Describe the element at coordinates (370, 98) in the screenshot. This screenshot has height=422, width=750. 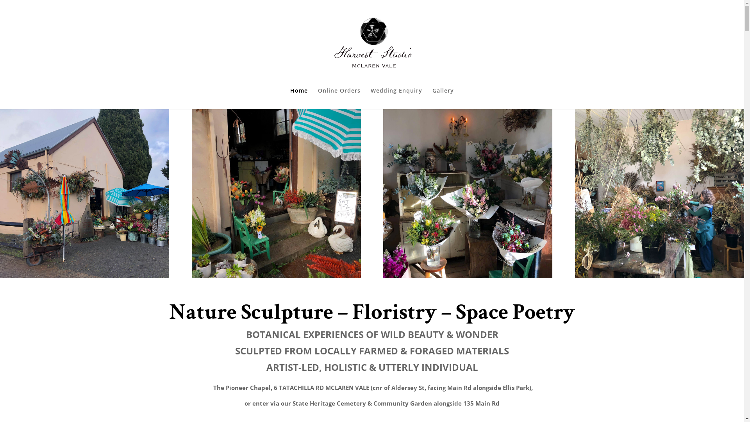
I see `'Wedding Enquiry'` at that location.